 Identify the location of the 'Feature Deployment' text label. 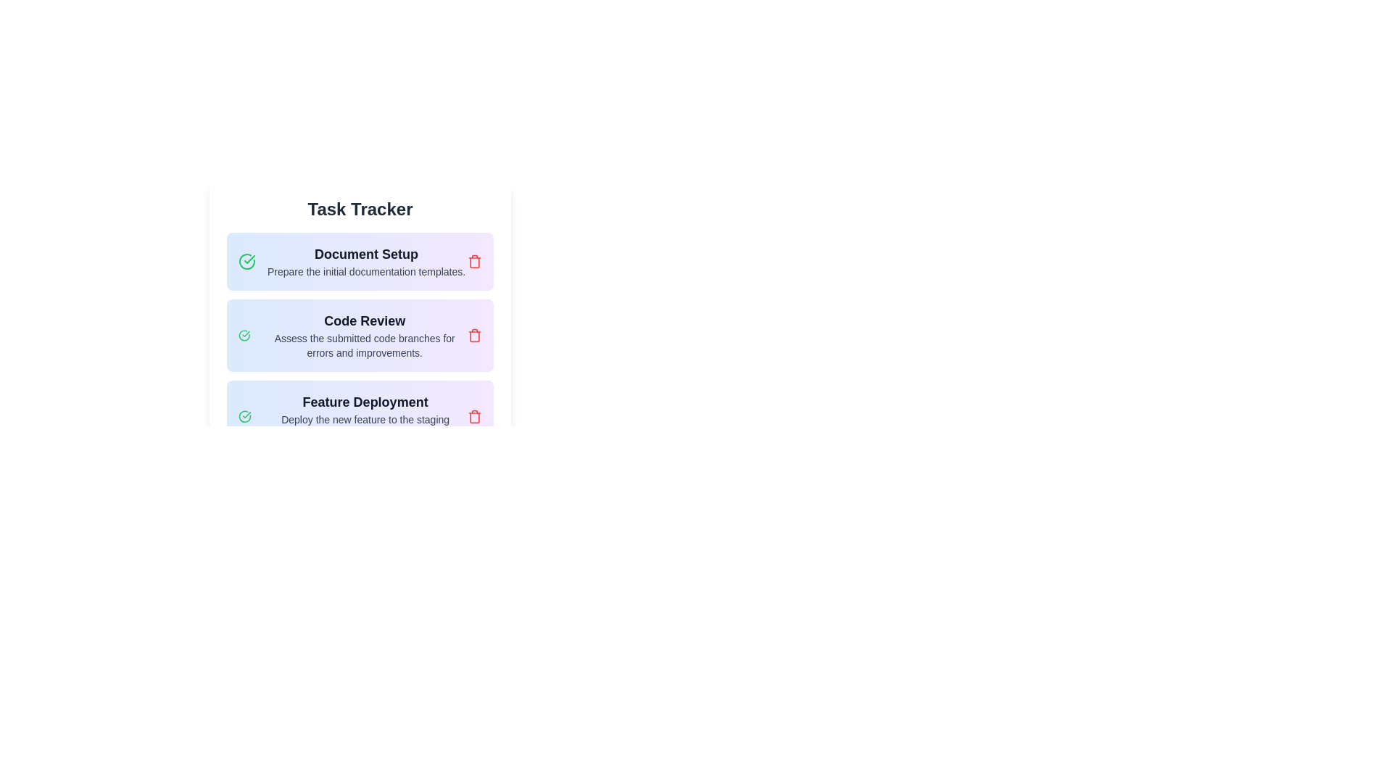
(365, 402).